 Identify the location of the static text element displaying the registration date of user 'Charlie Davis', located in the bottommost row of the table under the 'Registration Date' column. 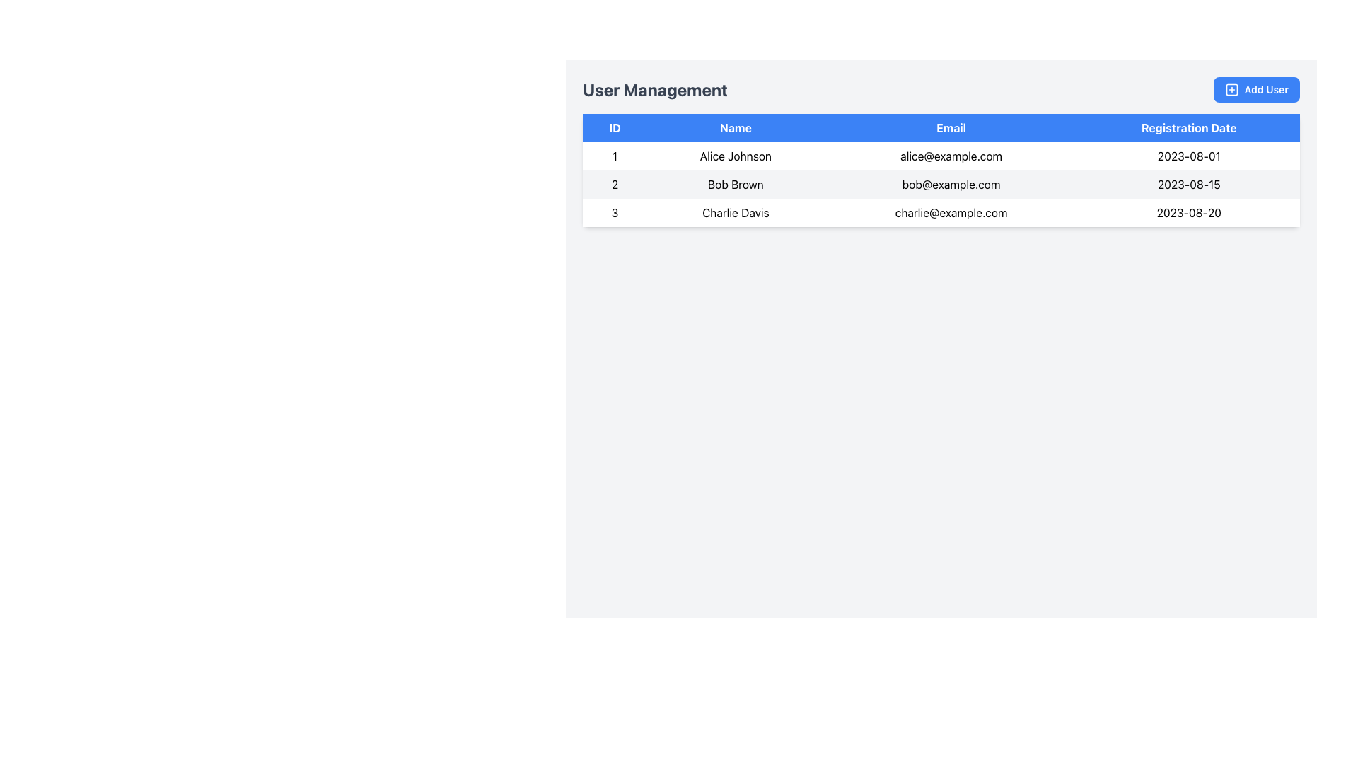
(1188, 212).